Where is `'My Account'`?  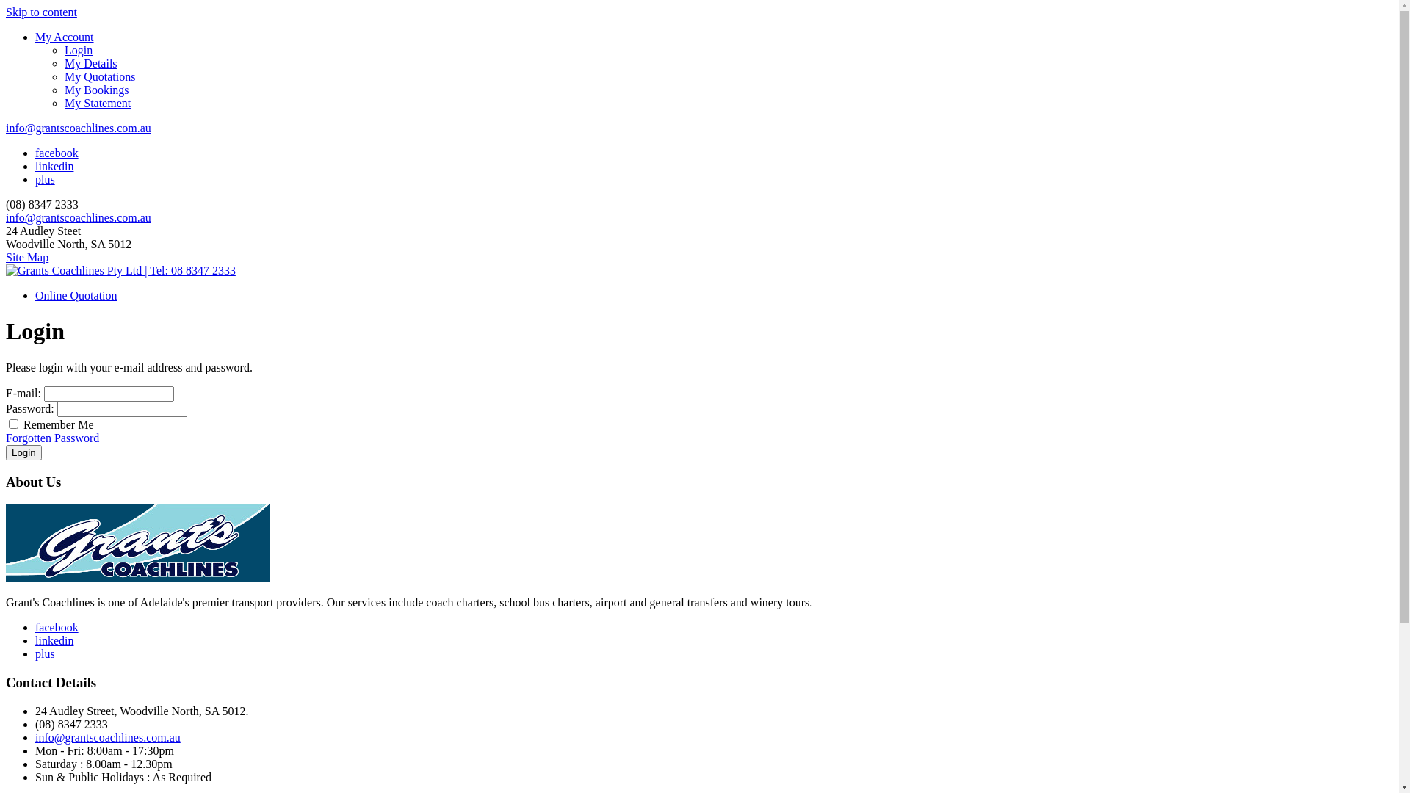
'My Account' is located at coordinates (63, 36).